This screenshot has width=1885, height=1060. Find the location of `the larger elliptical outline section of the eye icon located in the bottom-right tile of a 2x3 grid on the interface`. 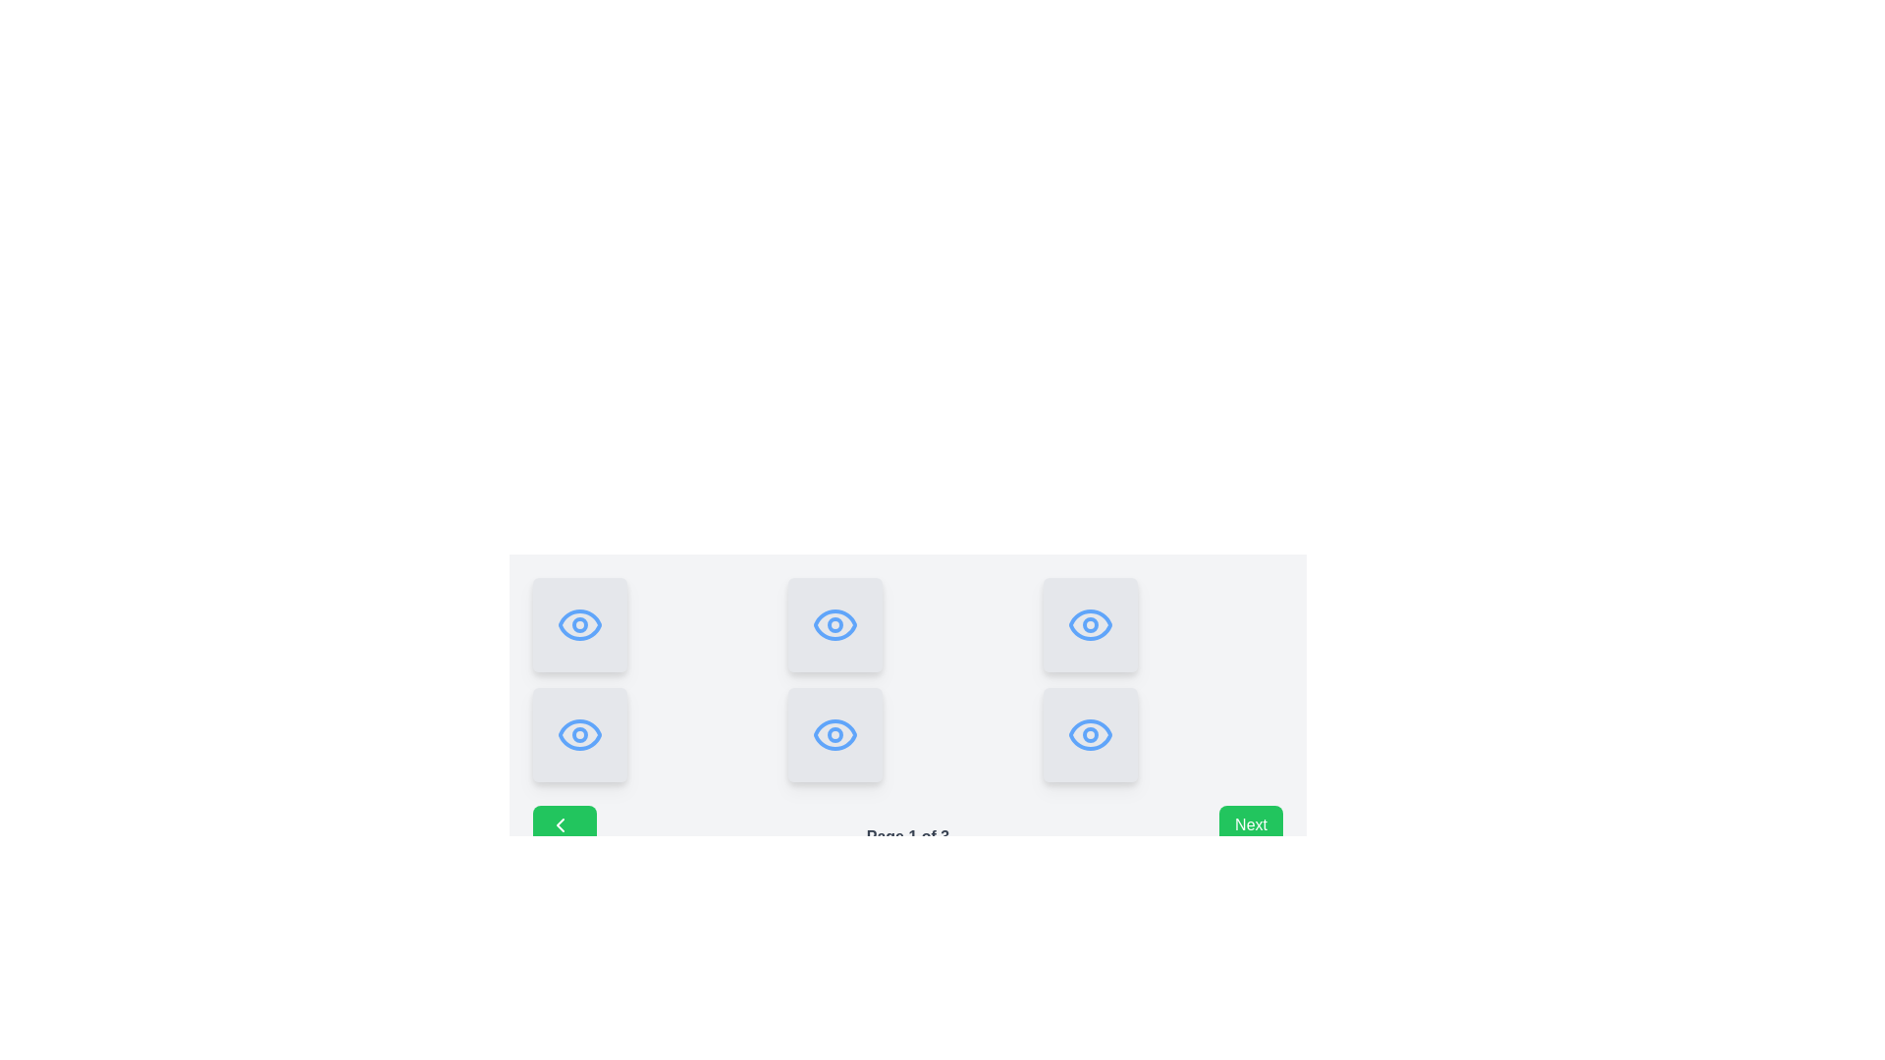

the larger elliptical outline section of the eye icon located in the bottom-right tile of a 2x3 grid on the interface is located at coordinates (1089, 734).